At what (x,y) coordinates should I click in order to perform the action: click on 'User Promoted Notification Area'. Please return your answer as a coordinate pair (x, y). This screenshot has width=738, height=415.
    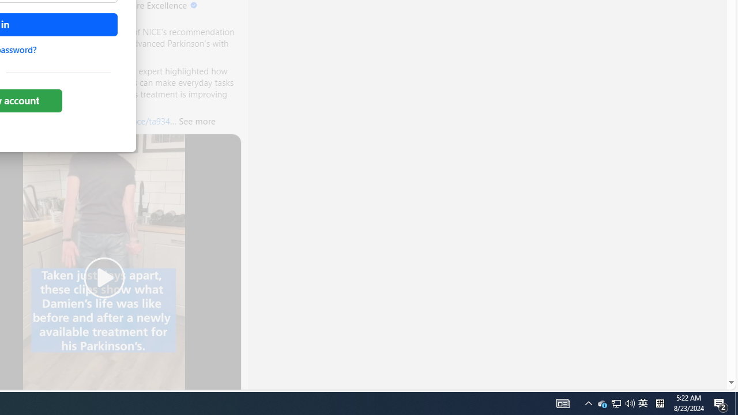
    Looking at the image, I should click on (616, 402).